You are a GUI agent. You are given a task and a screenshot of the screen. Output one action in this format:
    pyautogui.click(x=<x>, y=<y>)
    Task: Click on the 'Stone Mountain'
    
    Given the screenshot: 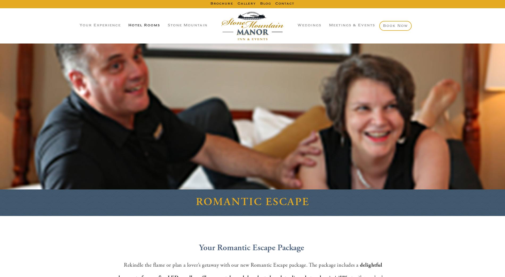 What is the action you would take?
    pyautogui.click(x=187, y=25)
    